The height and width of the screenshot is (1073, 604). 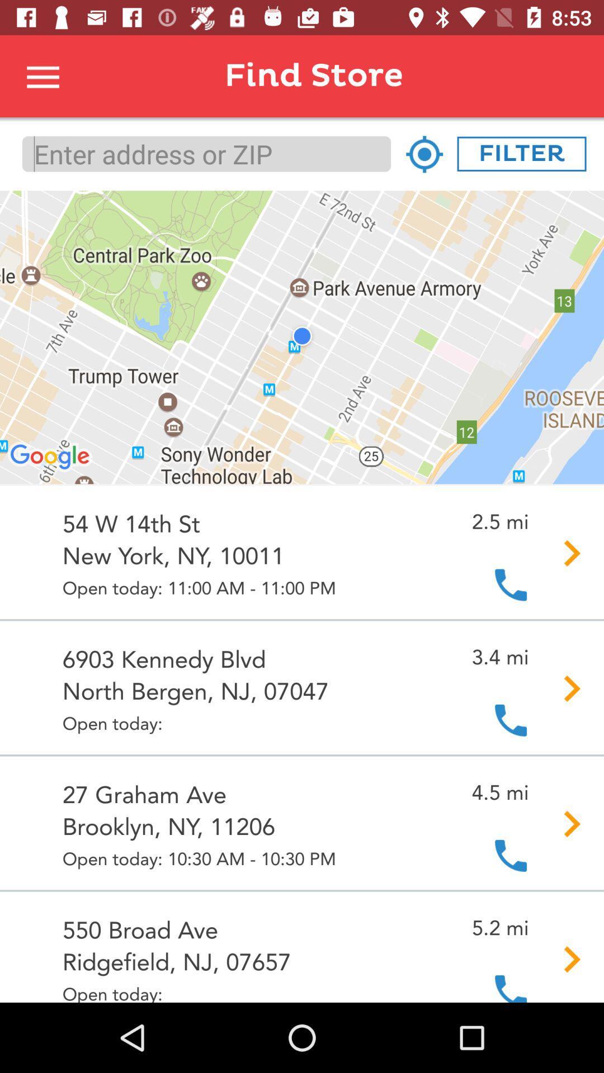 I want to click on location, so click(x=424, y=153).